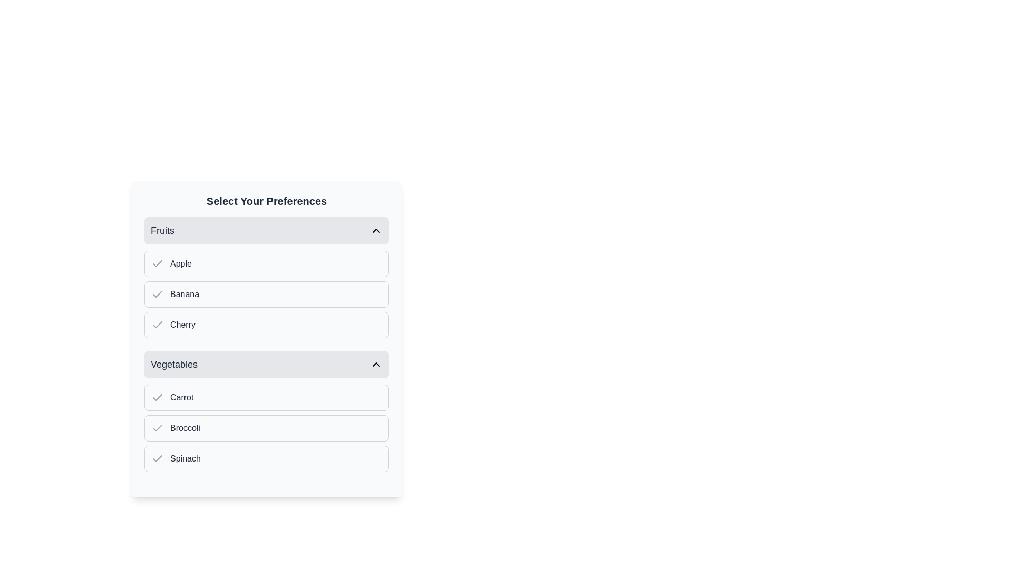 This screenshot has width=1012, height=569. What do you see at coordinates (184, 295) in the screenshot?
I see `the text label displaying 'Banana' in a medium-sized, bold, dark gray font, located within the 'Fruits' section` at bounding box center [184, 295].